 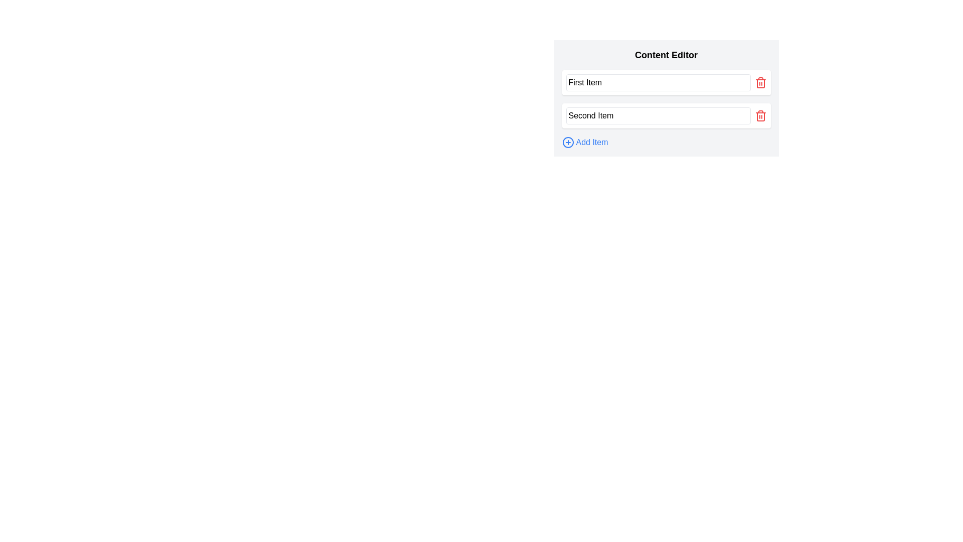 What do you see at coordinates (585, 143) in the screenshot?
I see `the 'Add Item' button located at the bottom of the content editor, which features a blue text label and a plus icon` at bounding box center [585, 143].